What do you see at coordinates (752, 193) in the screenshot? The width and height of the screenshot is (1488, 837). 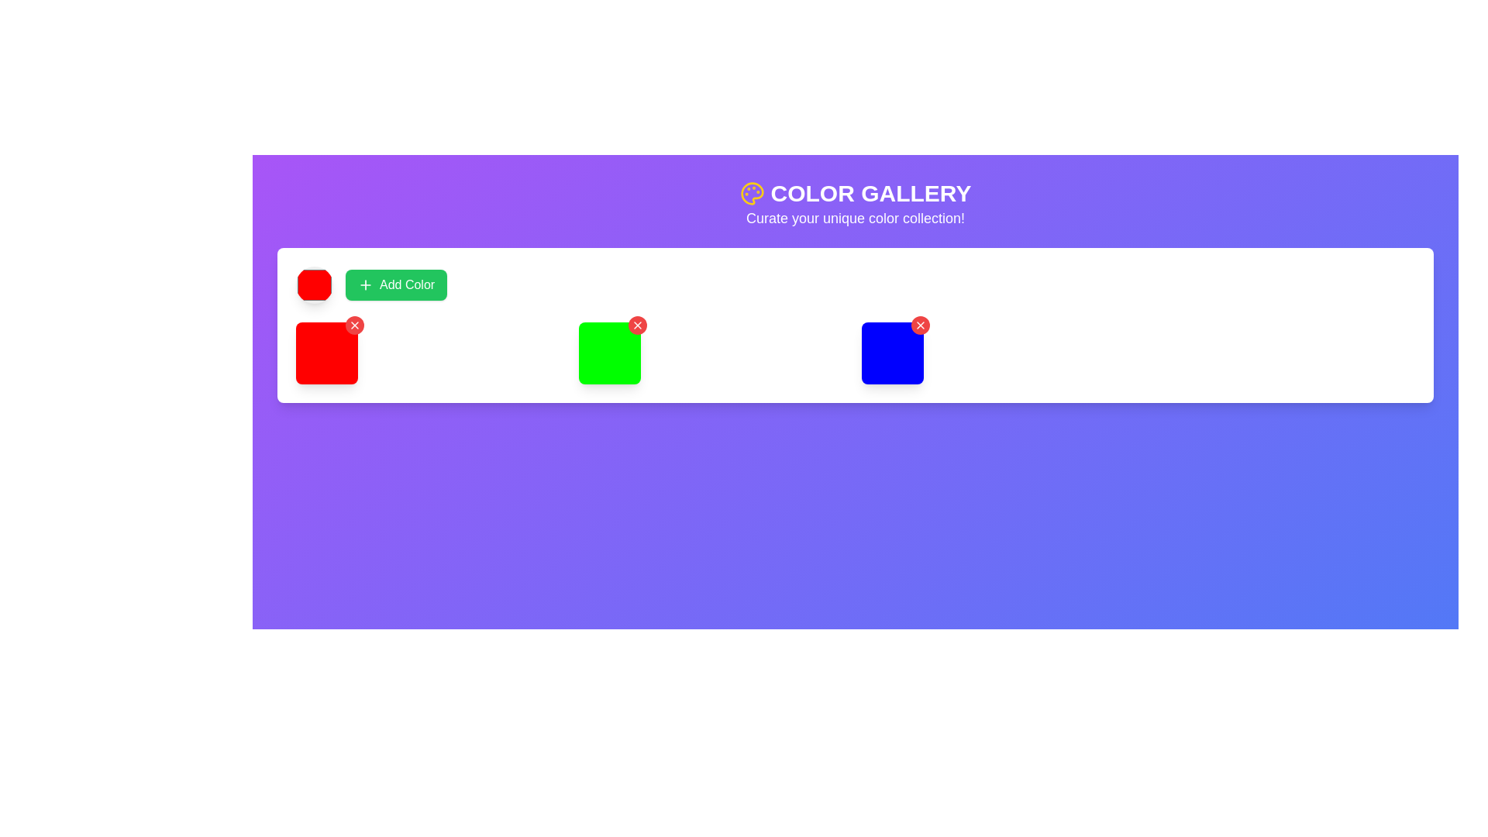 I see `the artist palette icon located to the left of the 'COLOR GALLERY' heading, which features a yellow outline and is situated in the top central portion of the interface` at bounding box center [752, 193].